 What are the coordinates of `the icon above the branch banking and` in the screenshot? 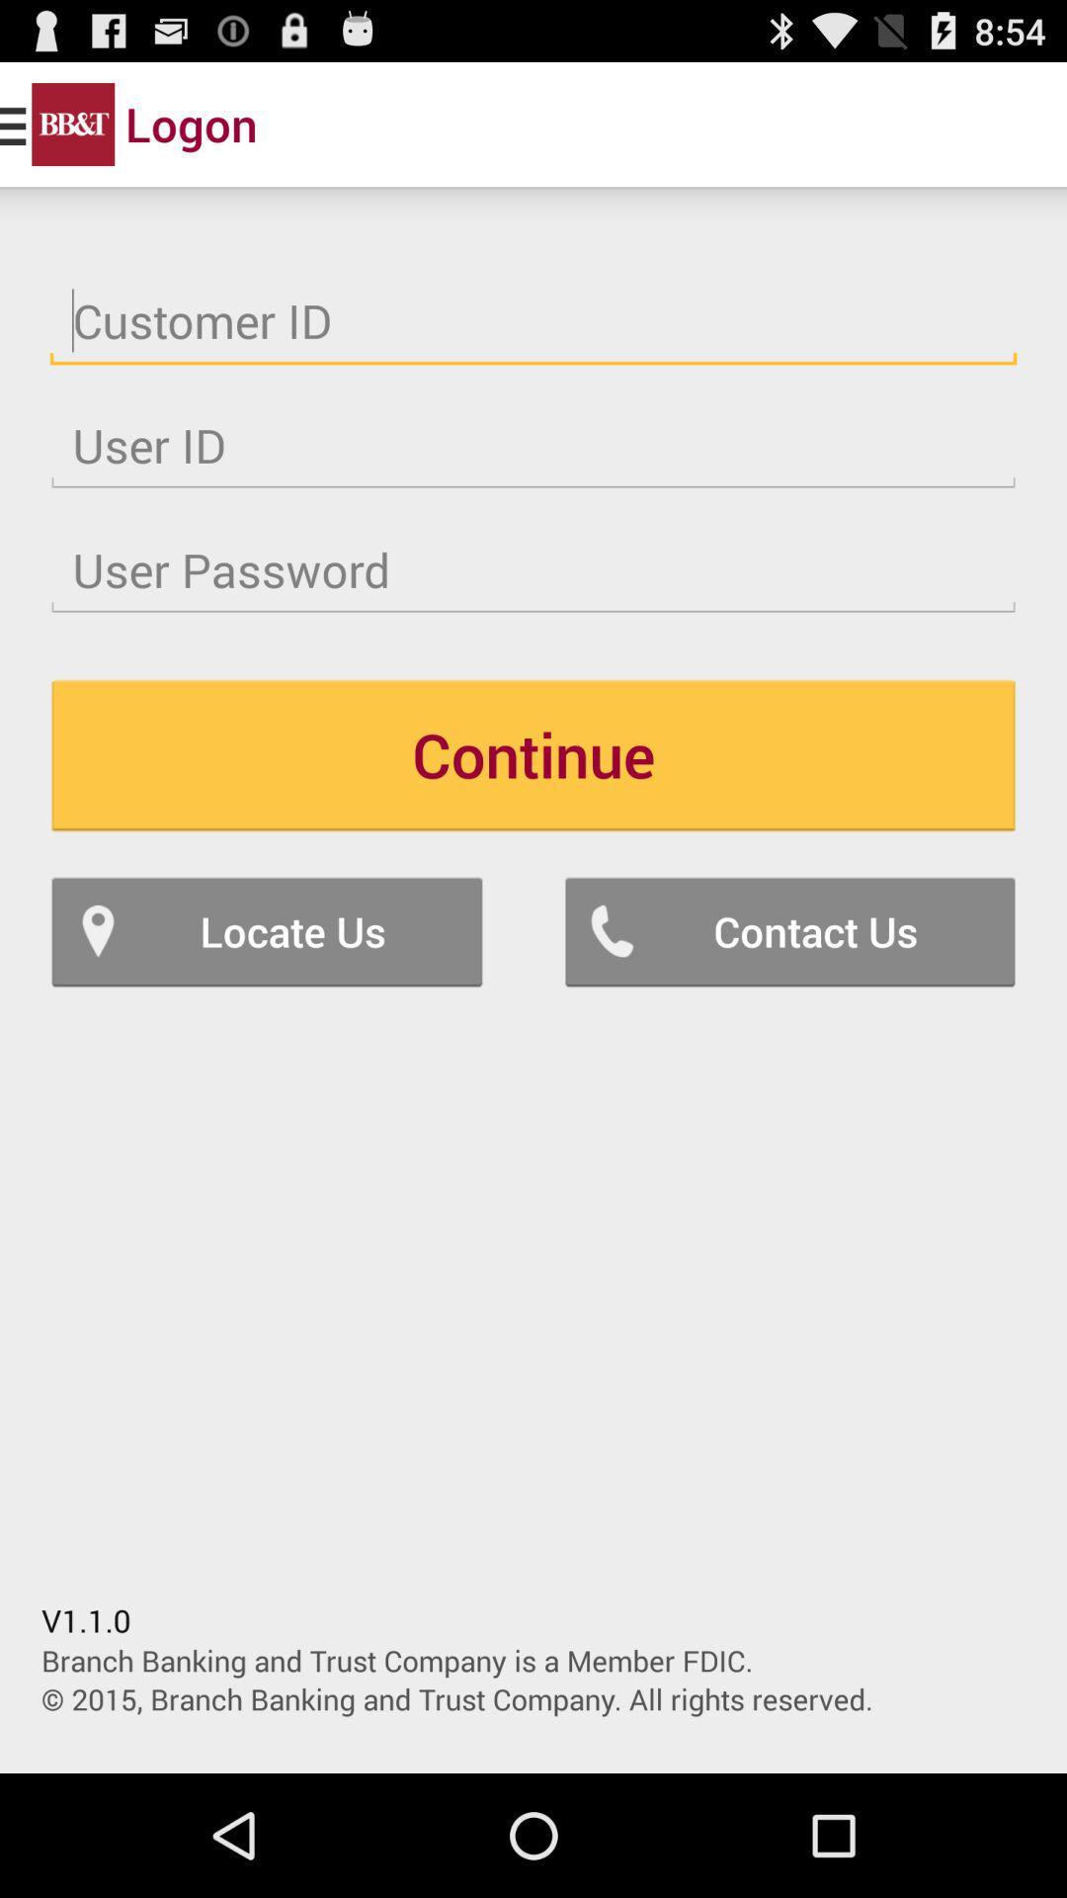 It's located at (788, 930).